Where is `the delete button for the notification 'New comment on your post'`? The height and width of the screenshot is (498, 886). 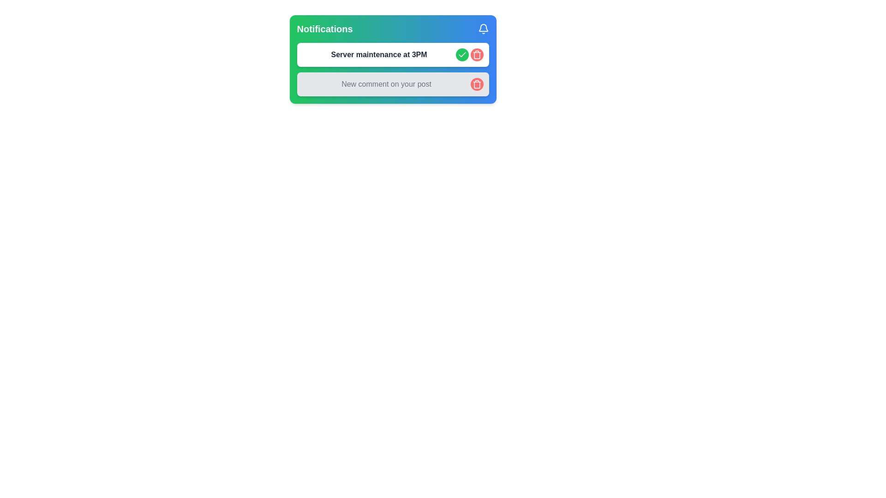 the delete button for the notification 'New comment on your post' is located at coordinates (477, 84).